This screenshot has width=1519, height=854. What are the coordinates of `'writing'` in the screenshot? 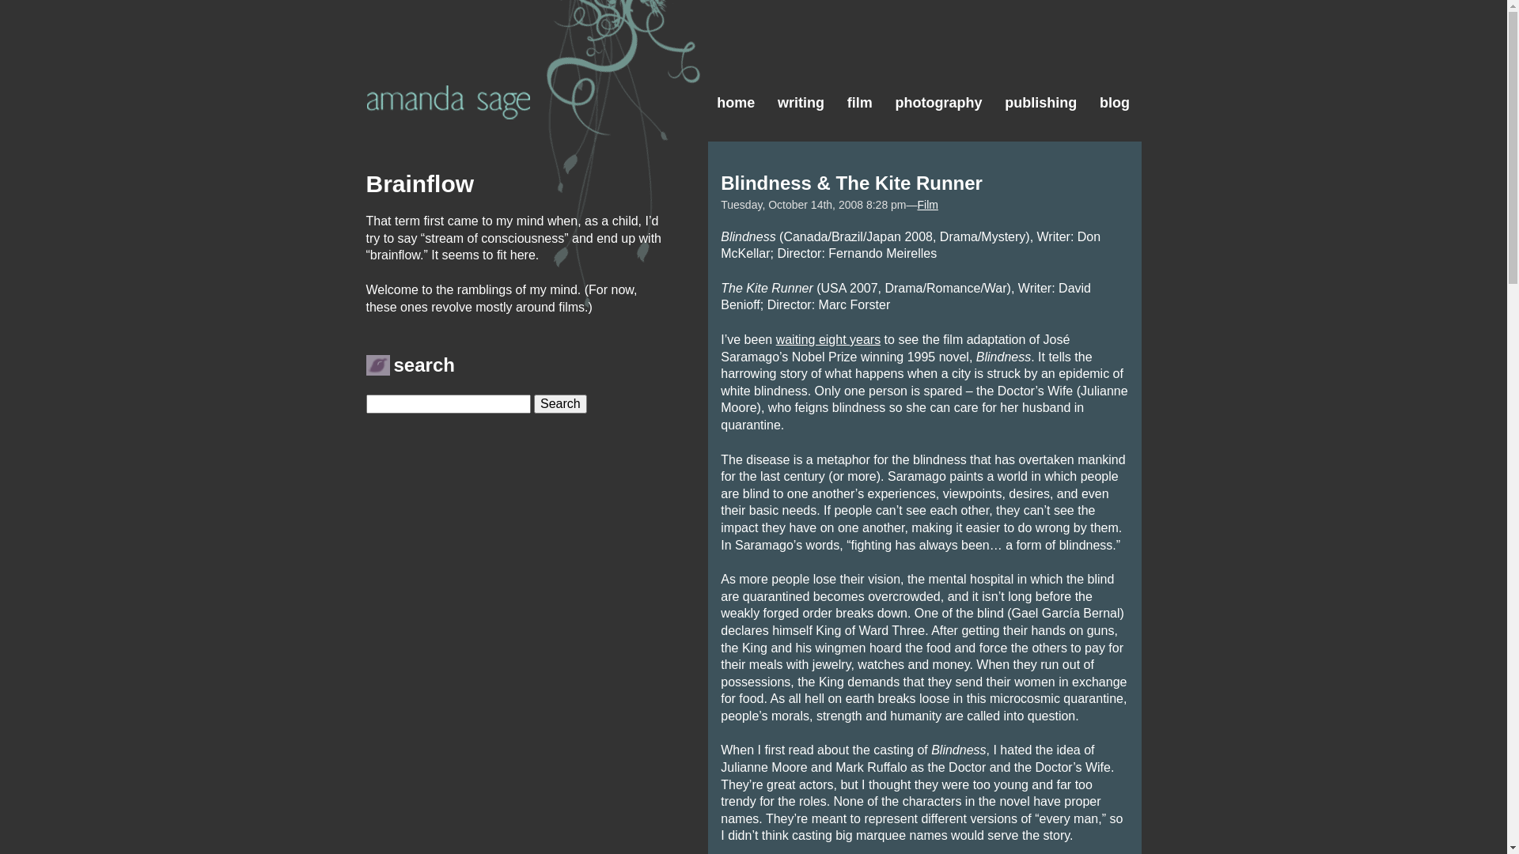 It's located at (801, 63).